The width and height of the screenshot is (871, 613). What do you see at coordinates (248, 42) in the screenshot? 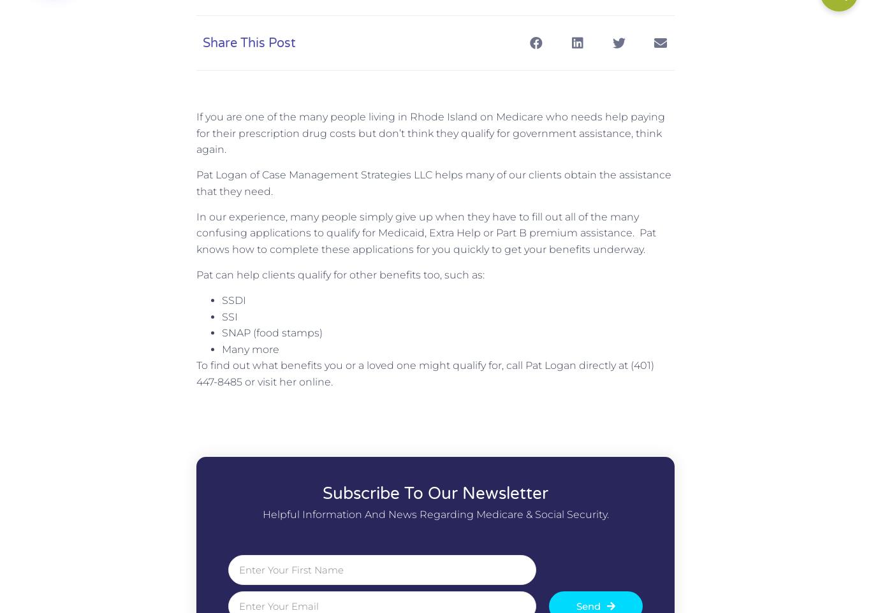
I see `'Share This Post'` at bounding box center [248, 42].